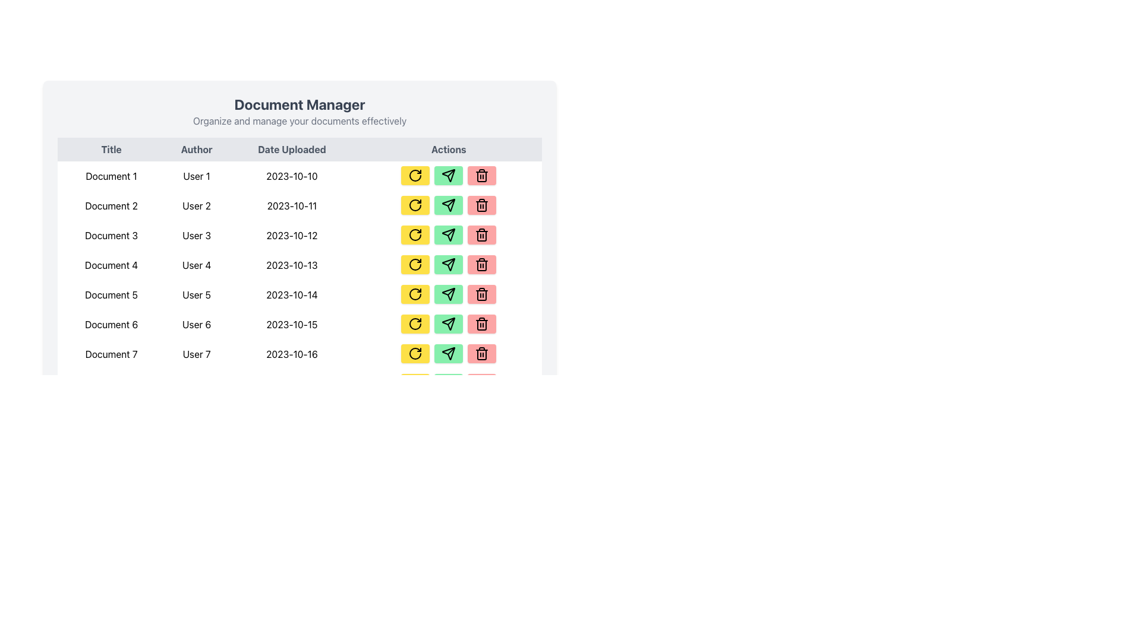  I want to click on the button to initiate sending or submission actions related to the document in the row for 'Document 3' uploaded on '2023-10-12'. This button is the second item under the 'Actions' column, so click(448, 235).